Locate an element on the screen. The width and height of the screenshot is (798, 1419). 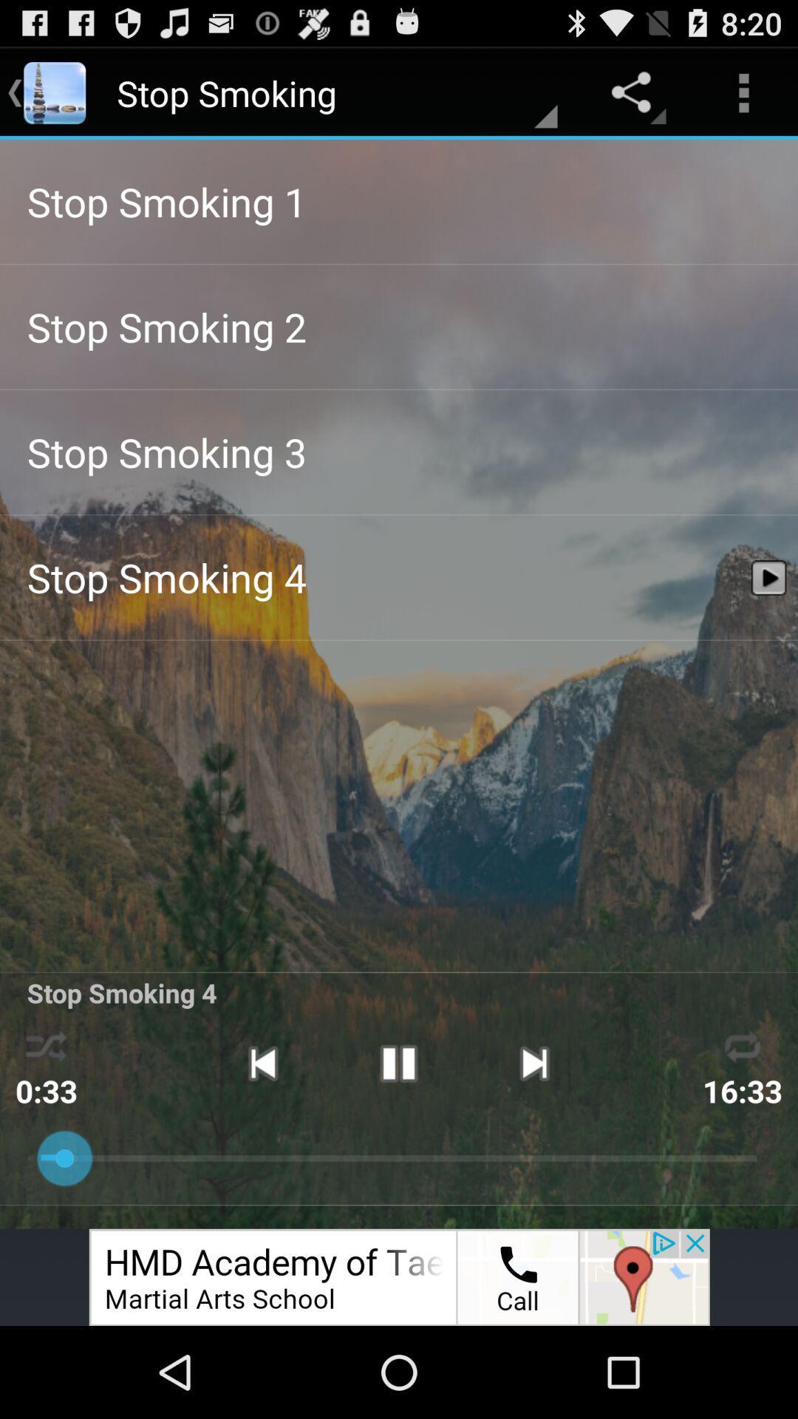
the skip_next icon is located at coordinates (534, 1137).